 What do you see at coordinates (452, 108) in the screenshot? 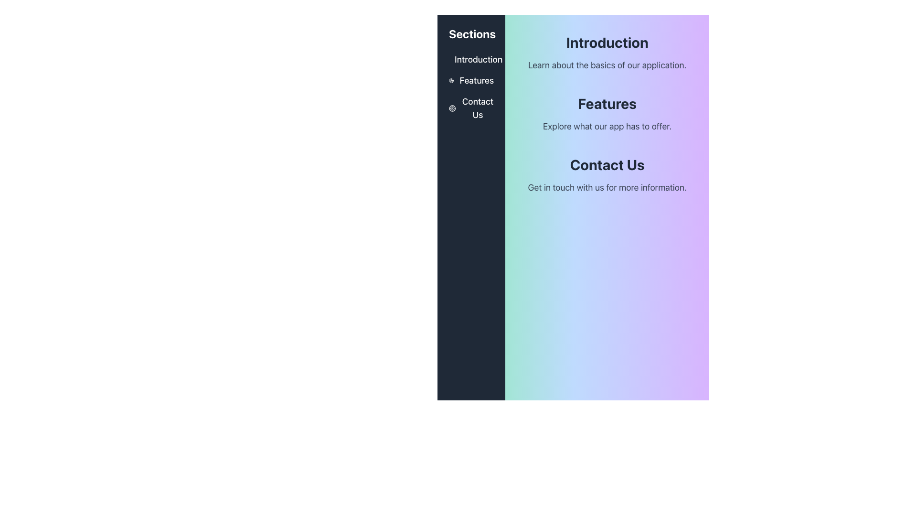
I see `the graphical icon component that represents the outer ring of the target design located next to the 'Contact Us' label in the vertical side navigation panel` at bounding box center [452, 108].